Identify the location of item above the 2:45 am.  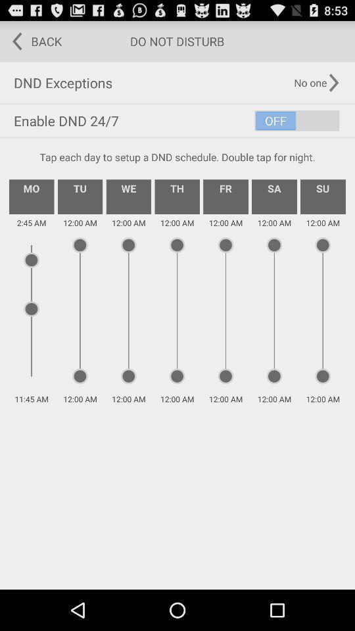
(80, 196).